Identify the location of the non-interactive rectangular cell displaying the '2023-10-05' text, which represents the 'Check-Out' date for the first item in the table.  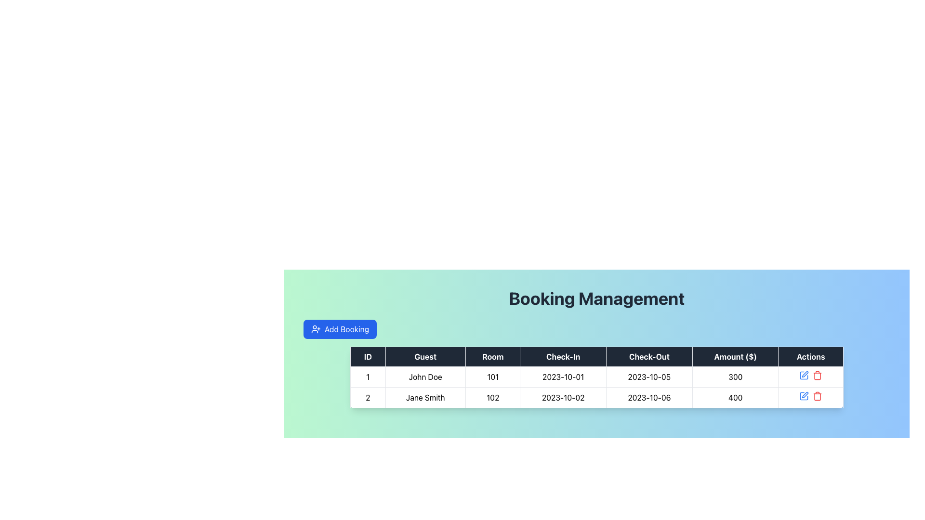
(649, 377).